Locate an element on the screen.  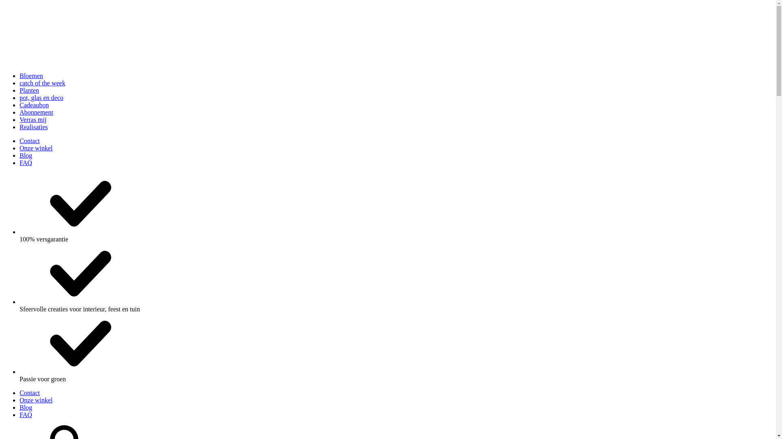
'Onze winkel' is located at coordinates (35, 148).